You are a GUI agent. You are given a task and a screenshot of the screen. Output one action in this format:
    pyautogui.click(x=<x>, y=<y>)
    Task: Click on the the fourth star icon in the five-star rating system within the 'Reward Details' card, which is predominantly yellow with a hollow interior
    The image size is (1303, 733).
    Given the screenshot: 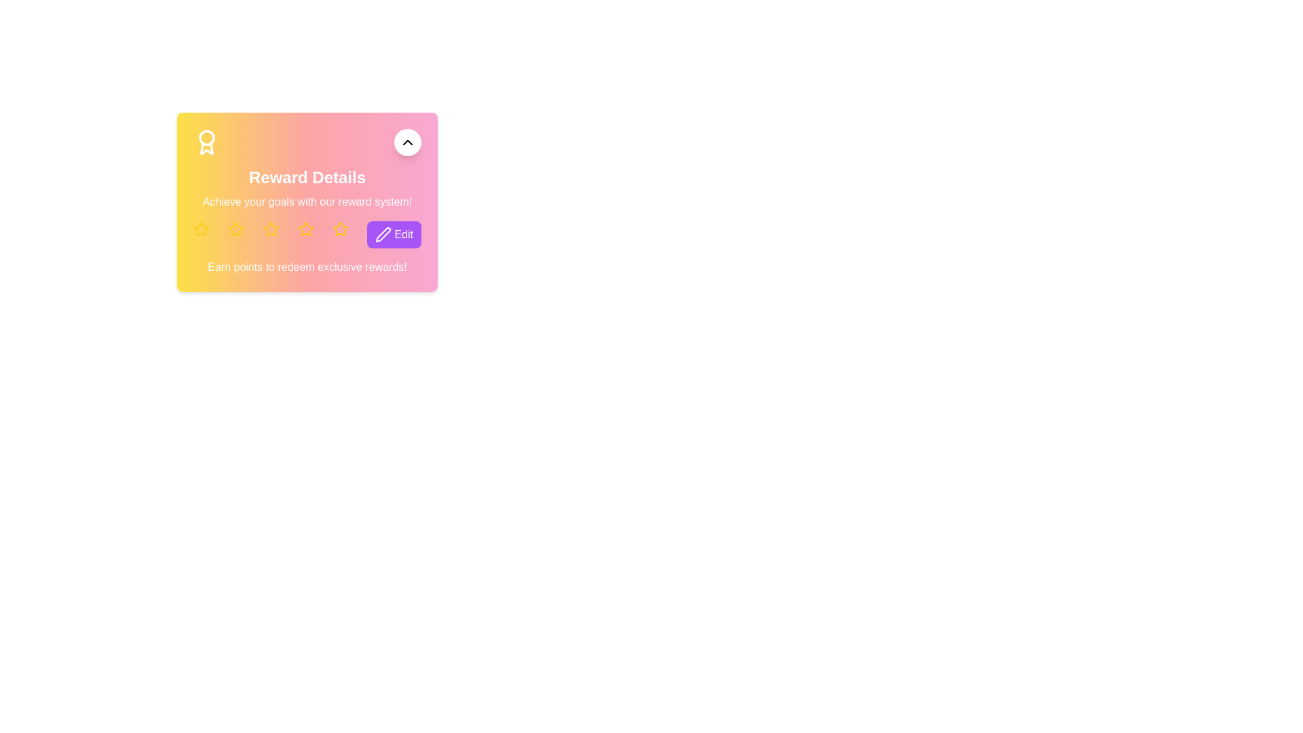 What is the action you would take?
    pyautogui.click(x=305, y=228)
    